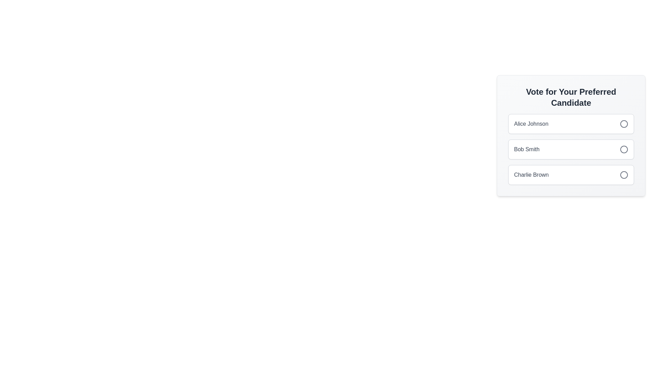  Describe the element at coordinates (624, 123) in the screenshot. I see `the circular radio button located to the right of the text 'Alice Johnson'` at that location.